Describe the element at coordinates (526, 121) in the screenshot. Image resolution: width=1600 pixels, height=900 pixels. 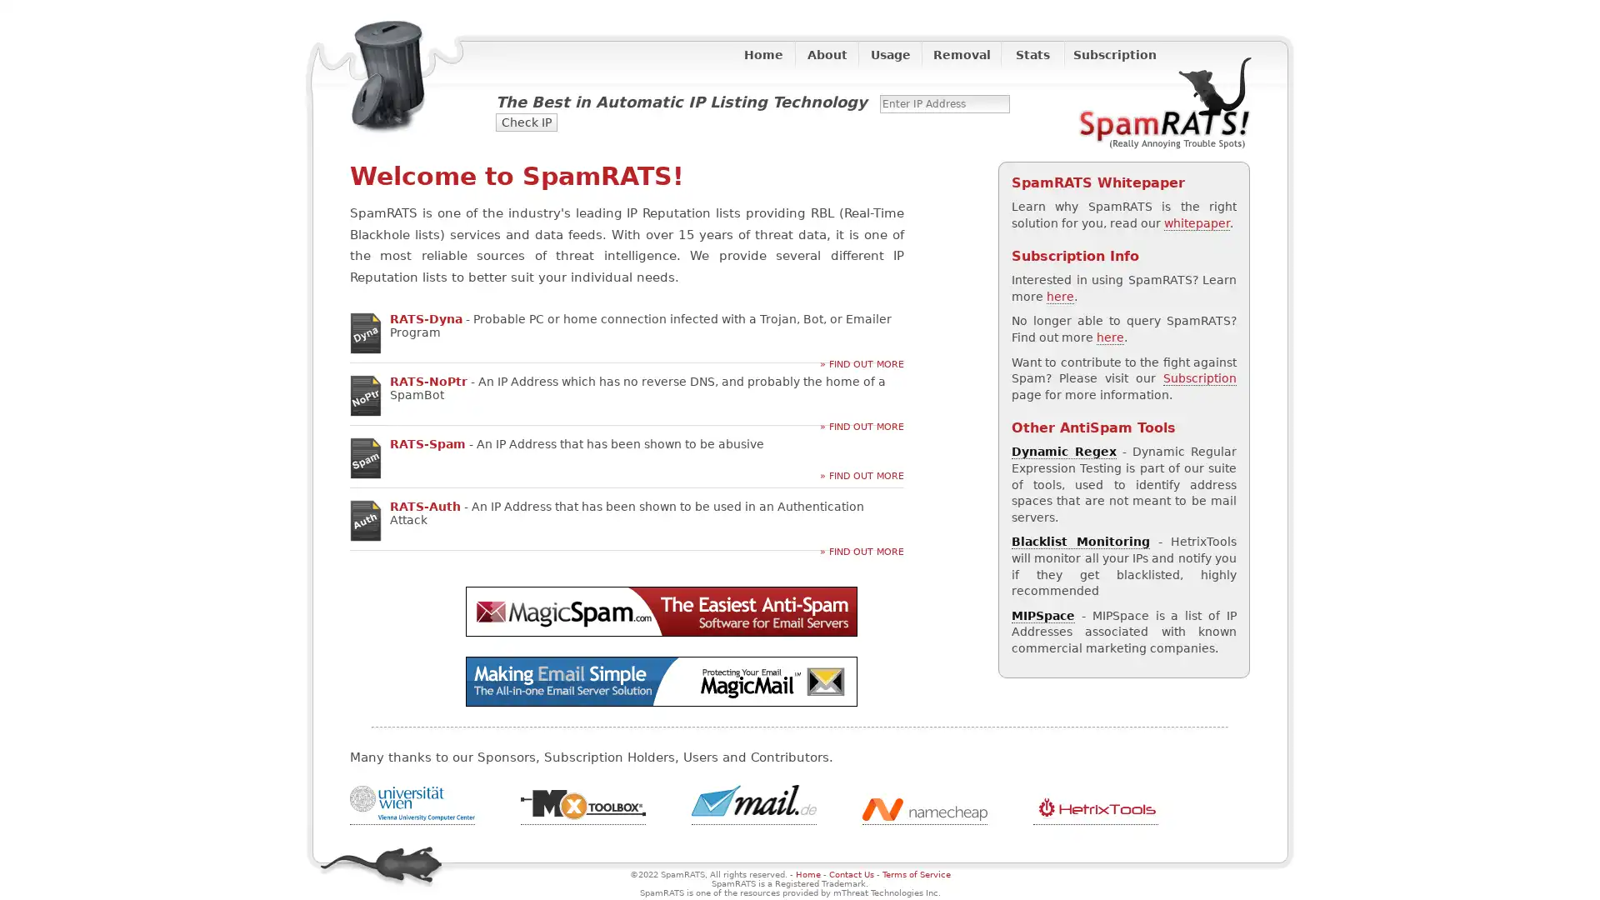
I see `Check IP` at that location.